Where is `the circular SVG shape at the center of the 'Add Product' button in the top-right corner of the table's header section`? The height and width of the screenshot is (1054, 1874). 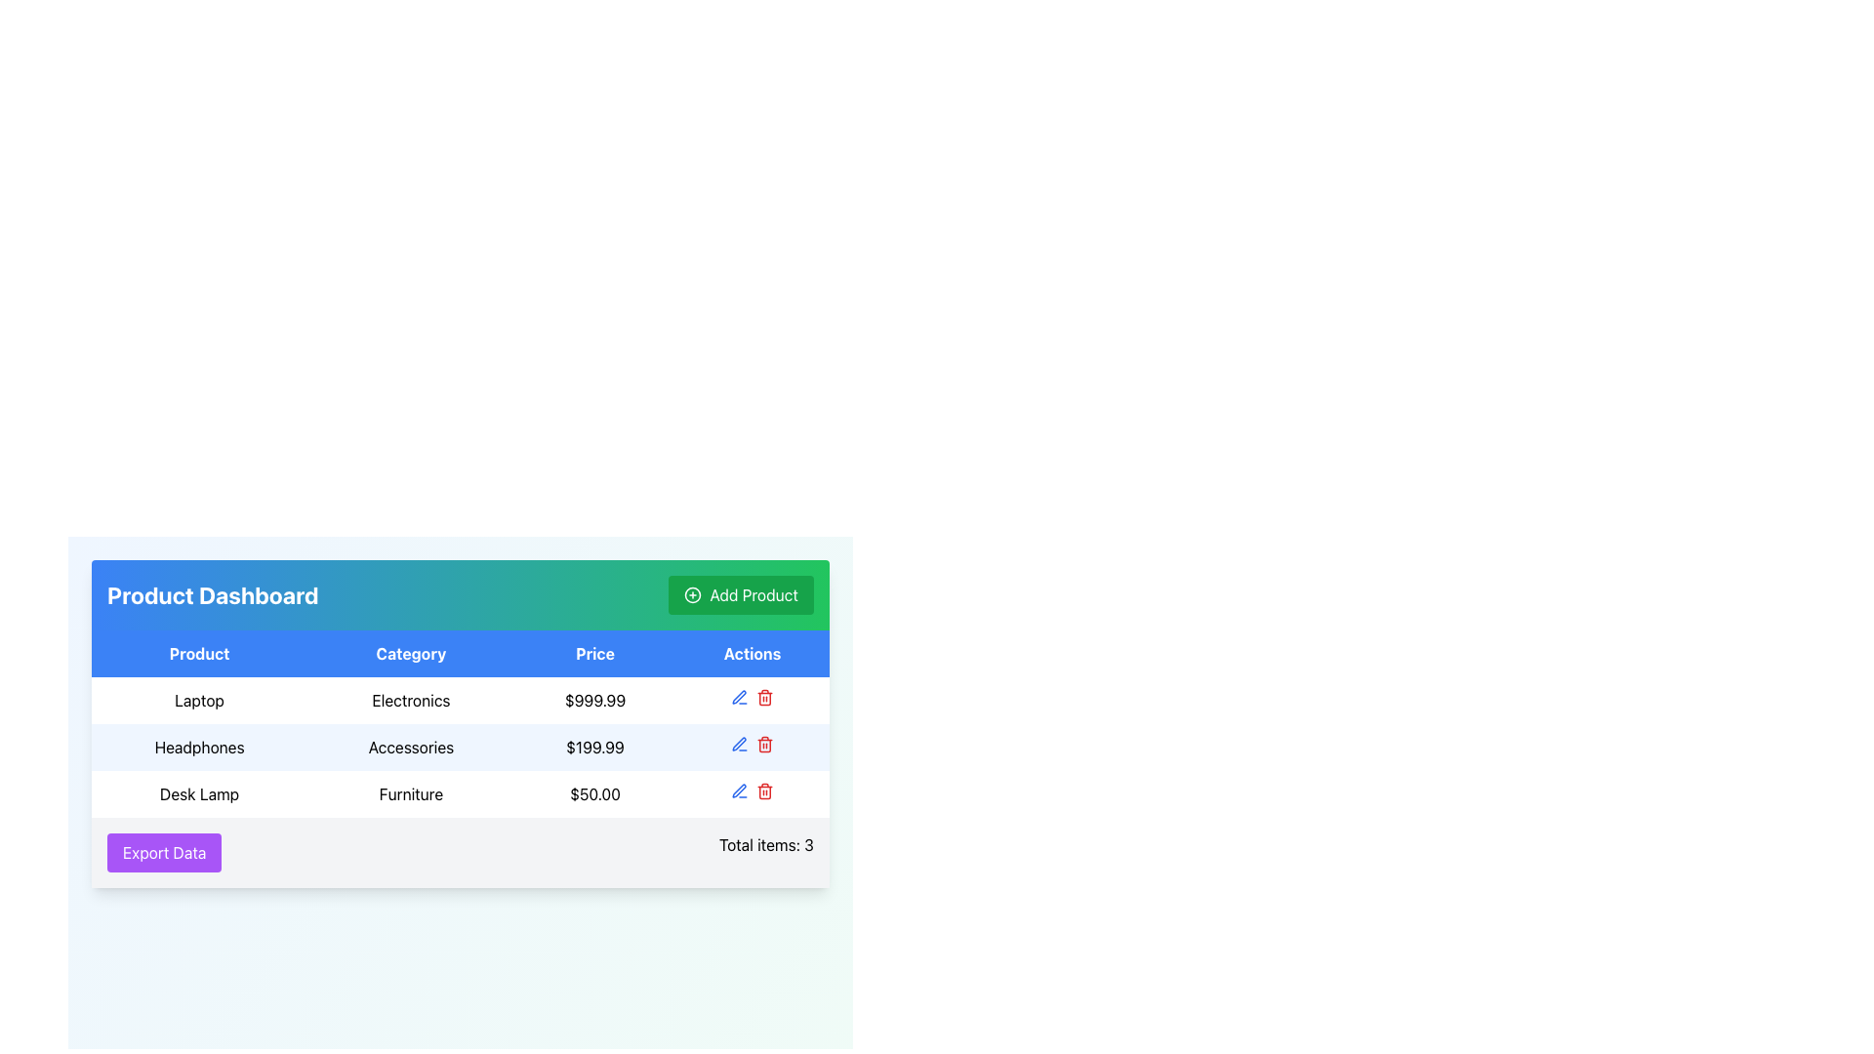
the circular SVG shape at the center of the 'Add Product' button in the top-right corner of the table's header section is located at coordinates (693, 593).